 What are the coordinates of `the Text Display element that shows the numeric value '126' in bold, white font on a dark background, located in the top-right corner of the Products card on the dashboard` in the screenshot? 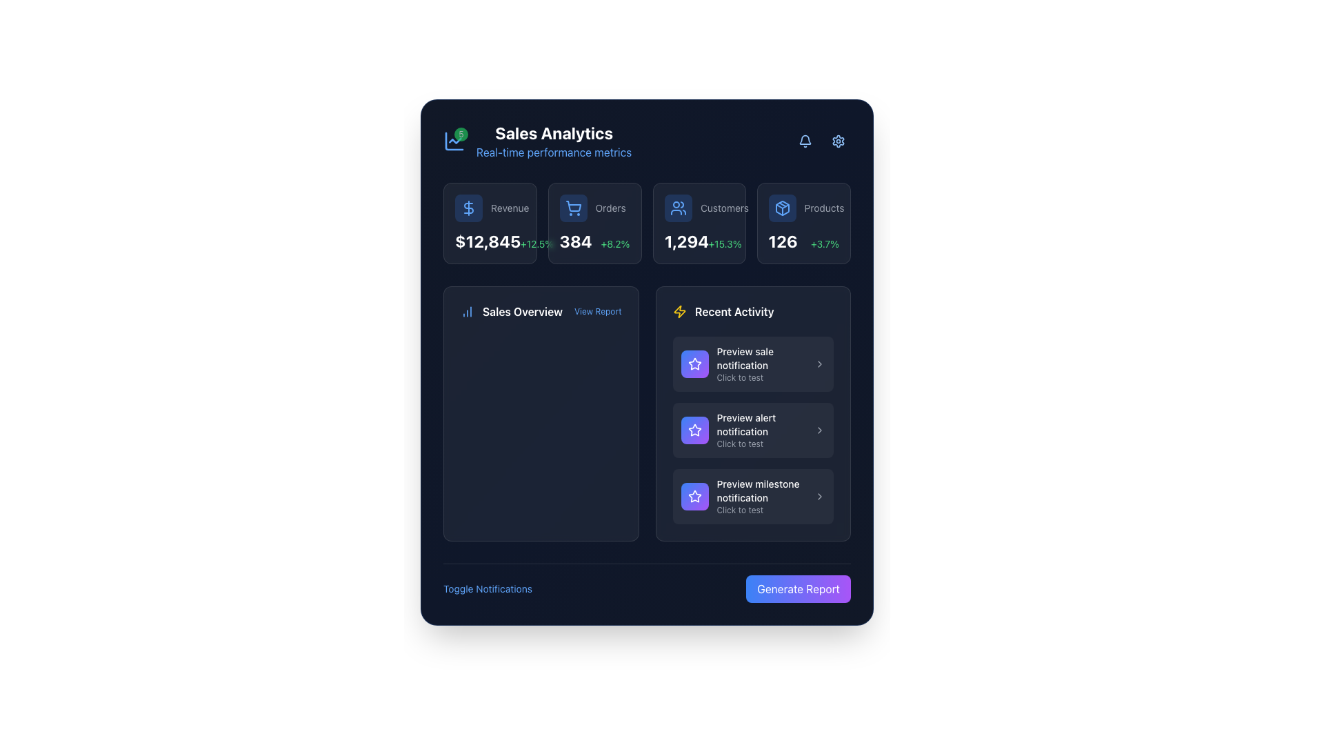 It's located at (783, 241).